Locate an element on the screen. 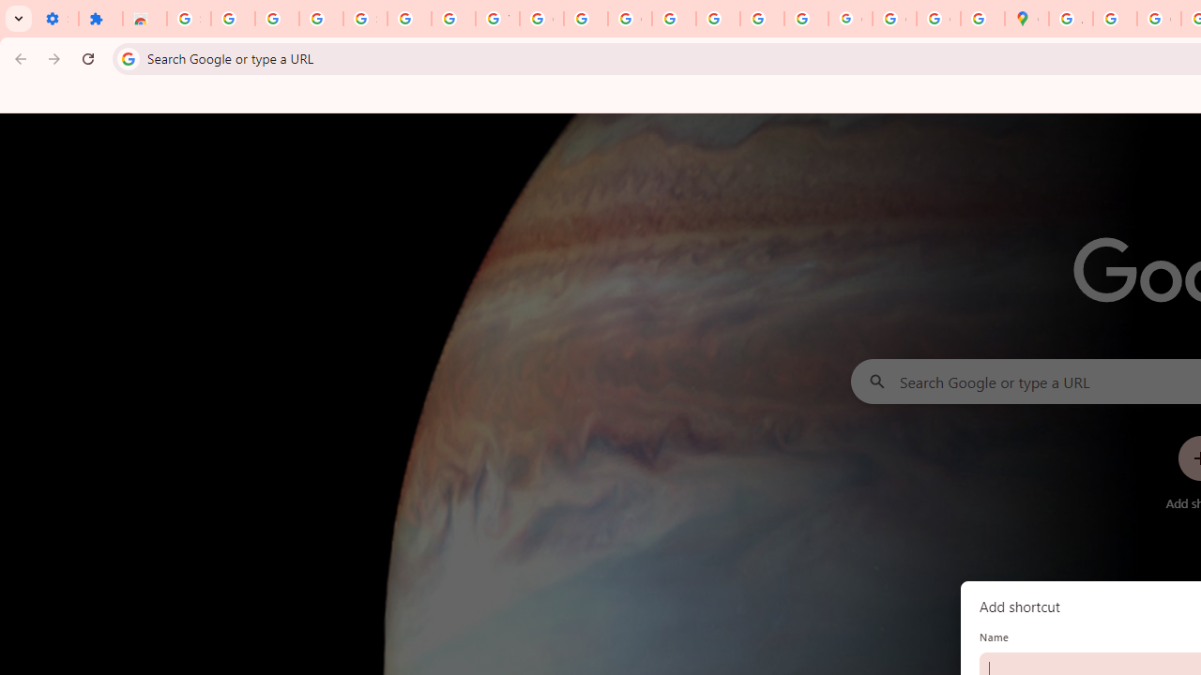  'Google Maps' is located at coordinates (1026, 19).